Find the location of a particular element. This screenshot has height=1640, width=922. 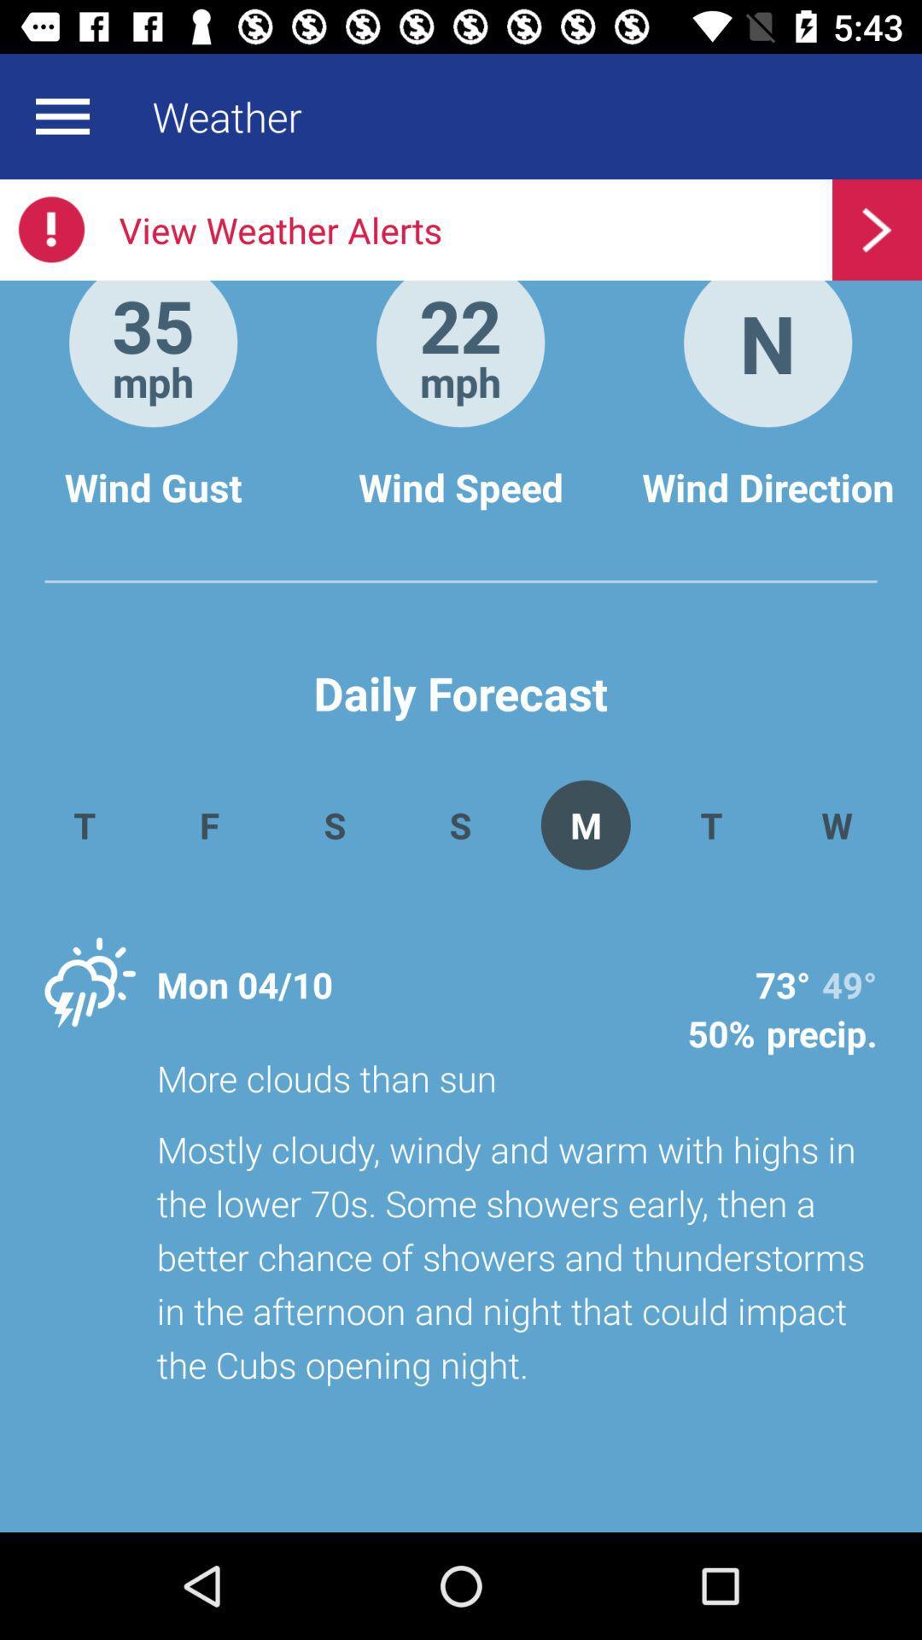

the app next to the s app is located at coordinates (208, 824).